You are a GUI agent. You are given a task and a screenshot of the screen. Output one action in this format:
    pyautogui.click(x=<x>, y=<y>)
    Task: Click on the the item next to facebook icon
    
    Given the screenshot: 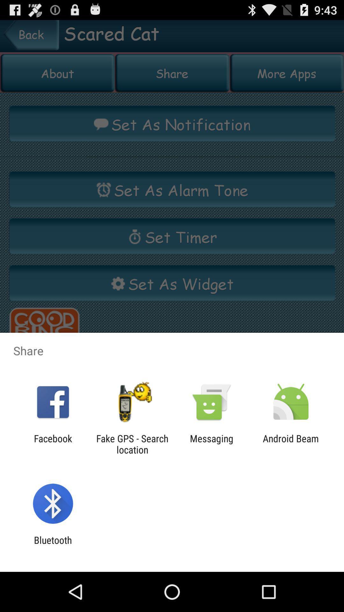 What is the action you would take?
    pyautogui.click(x=132, y=444)
    